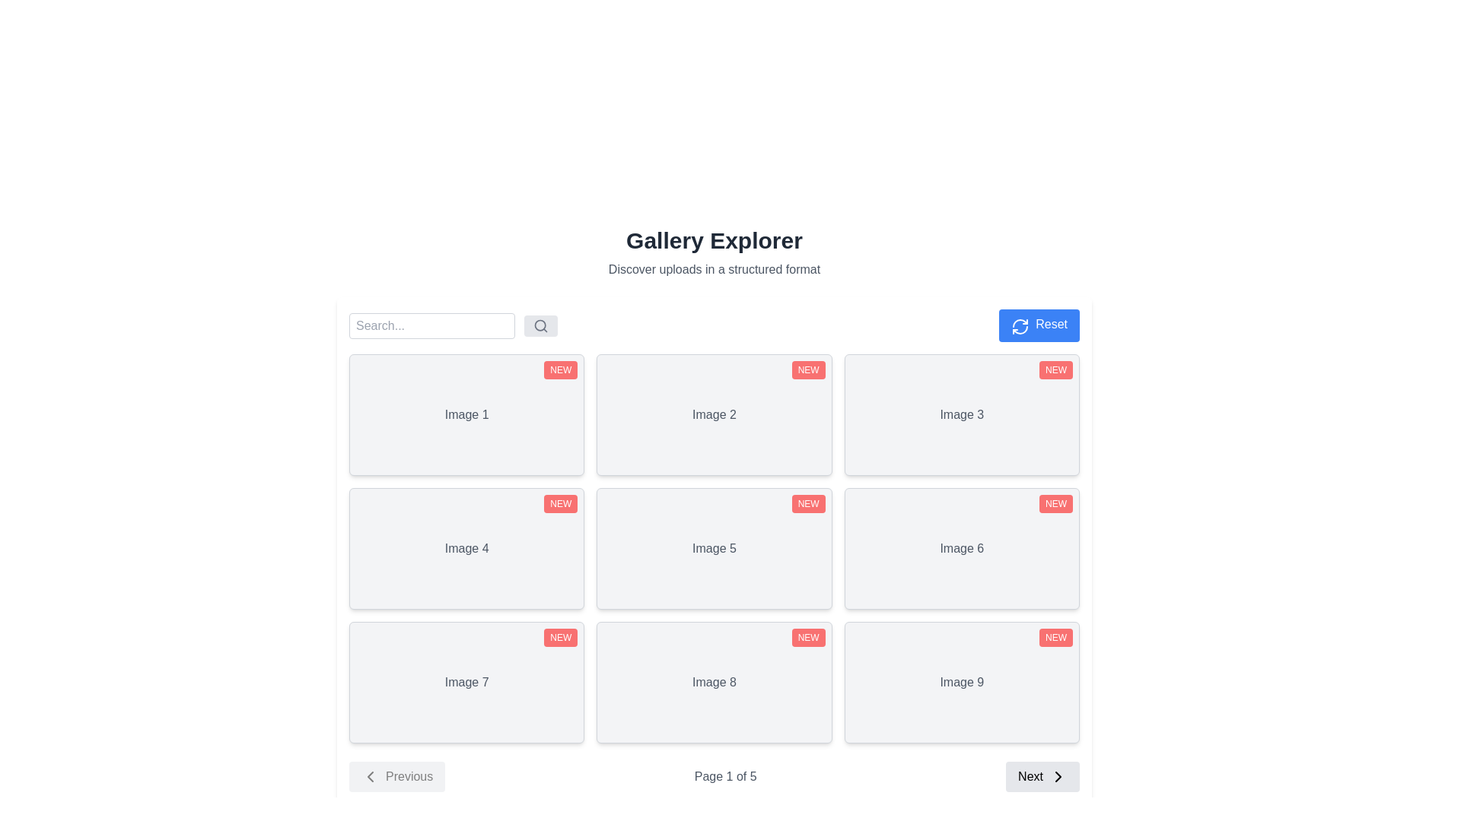 This screenshot has height=821, width=1461. Describe the element at coordinates (1020, 325) in the screenshot. I see `the 'Reset' icon located inside the blue button labeled 'Reset', positioned to the left of the button text` at that location.